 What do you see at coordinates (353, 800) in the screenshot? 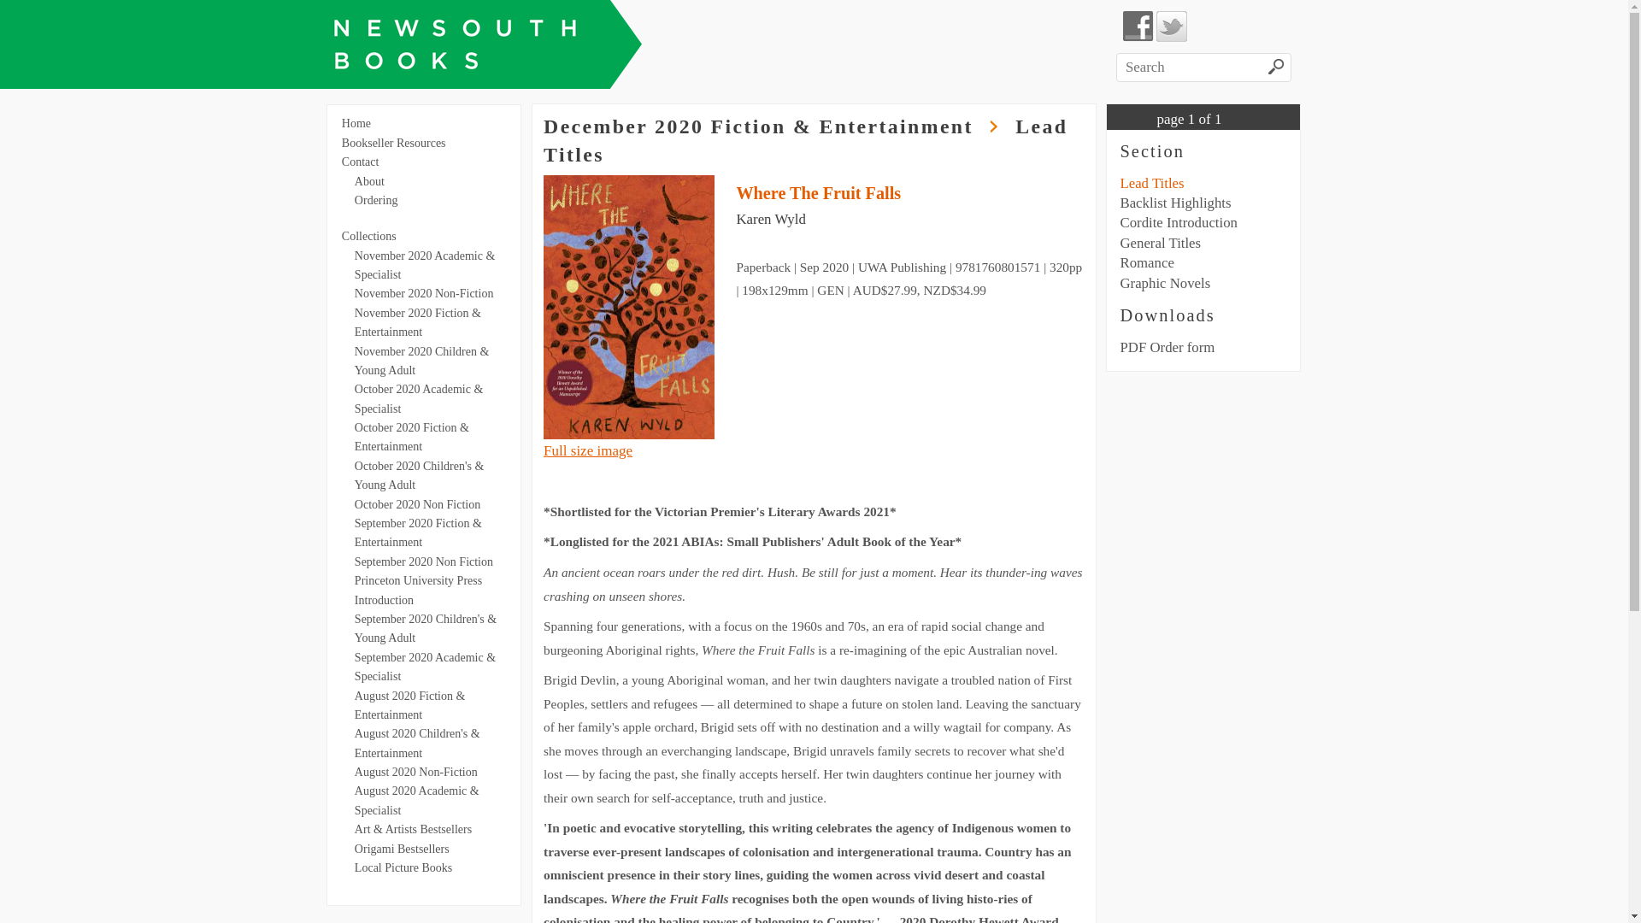
I see `'August 2020 Academic & Specialist'` at bounding box center [353, 800].